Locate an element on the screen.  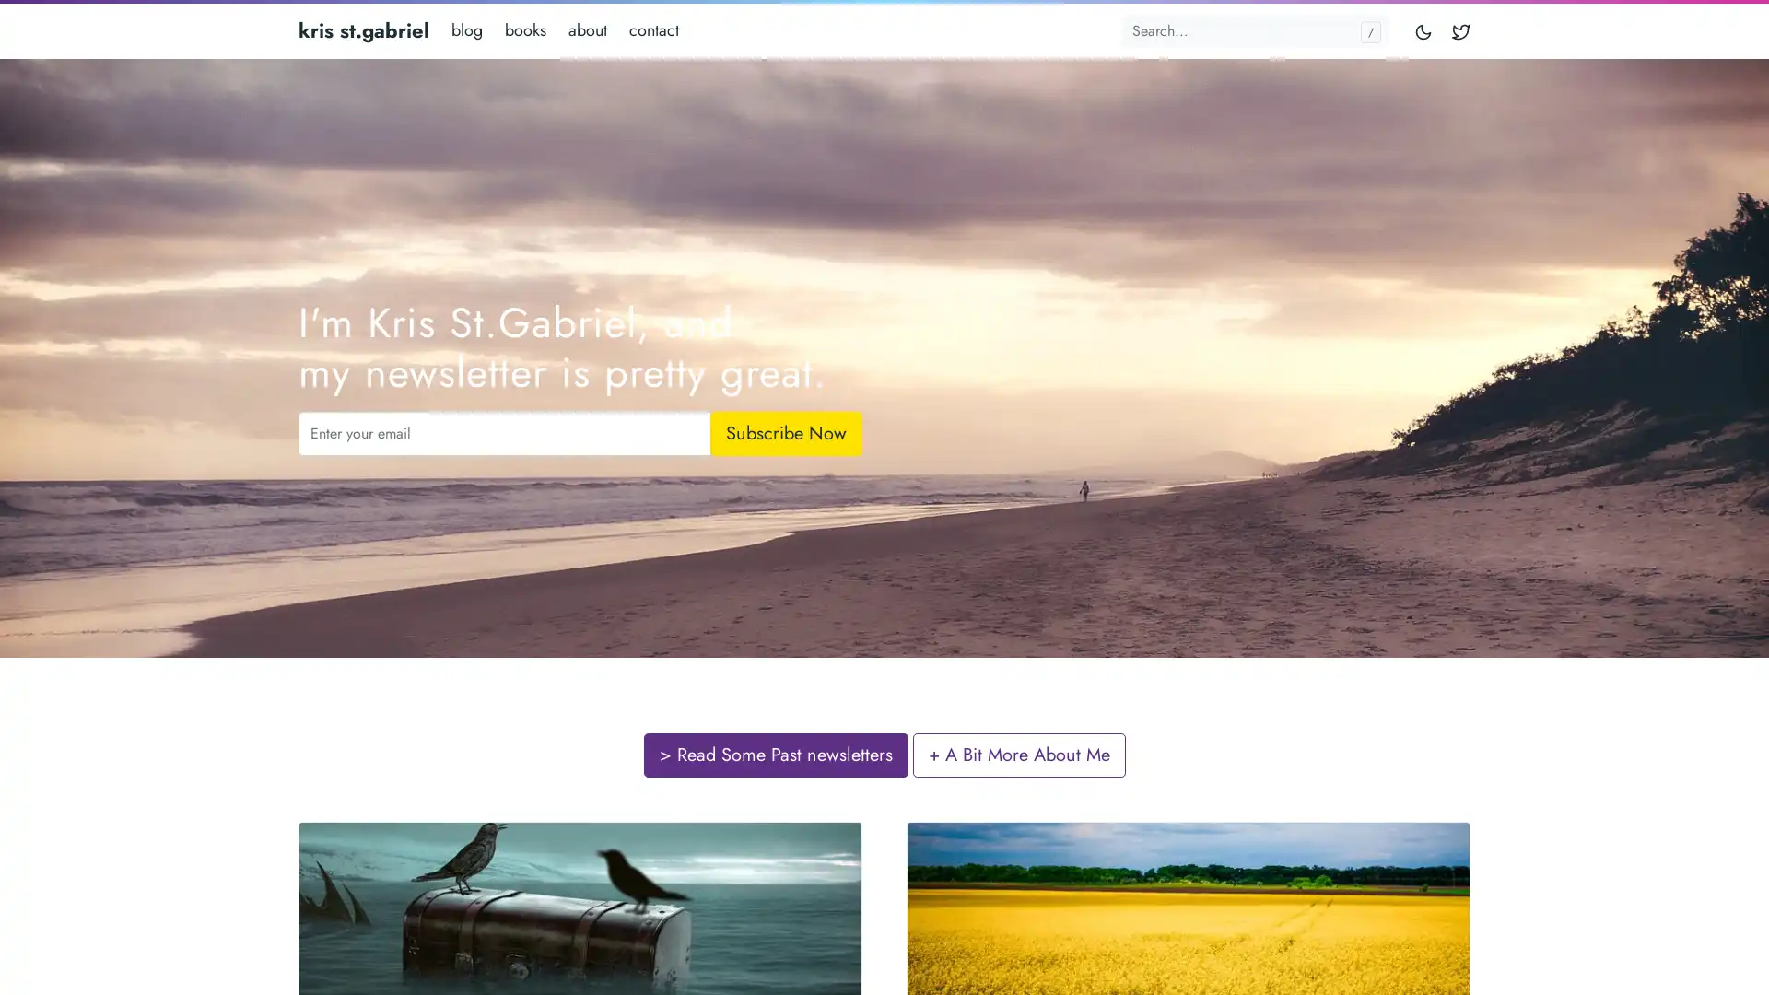
Toggle mode is located at coordinates (1423, 30).